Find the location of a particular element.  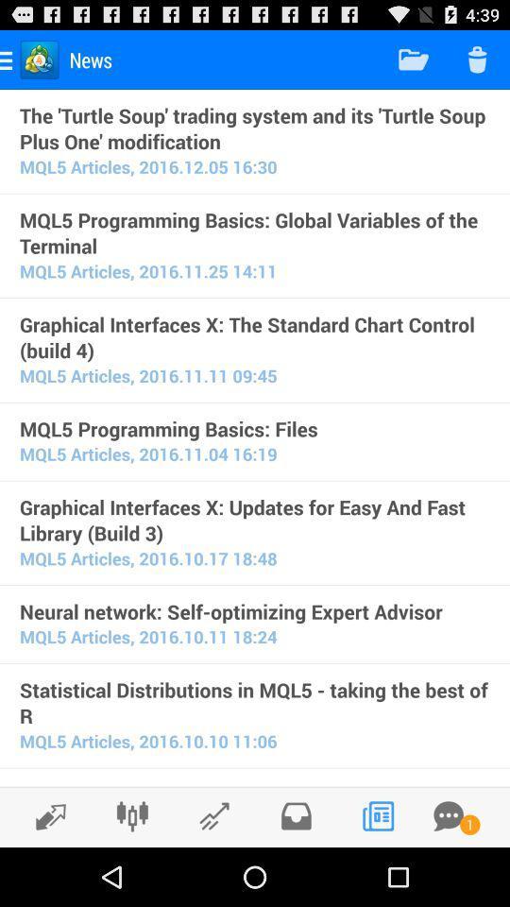

the quick evaluation of icon is located at coordinates (255, 783).